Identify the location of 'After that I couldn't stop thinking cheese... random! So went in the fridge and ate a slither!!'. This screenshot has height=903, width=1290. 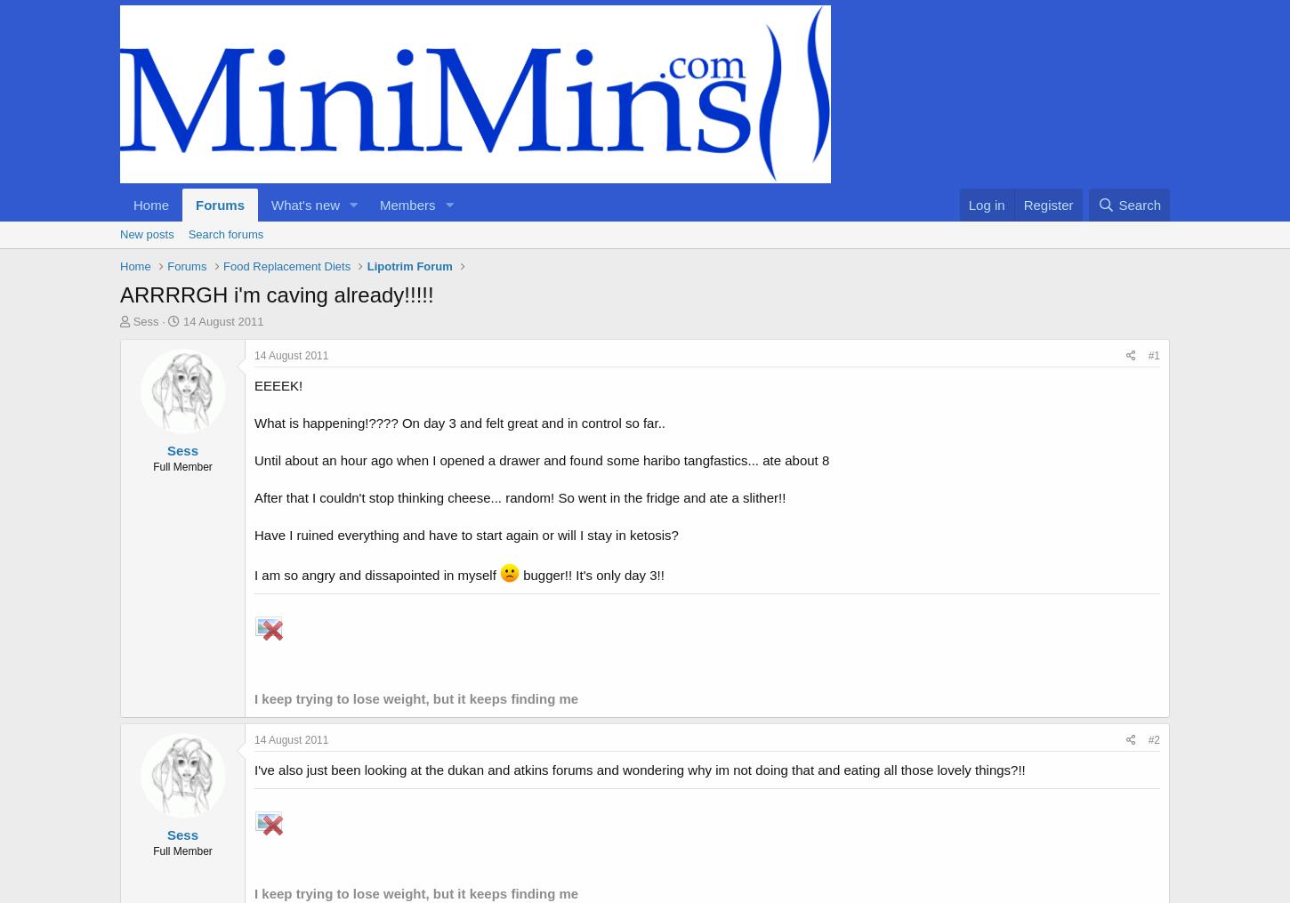
(254, 497).